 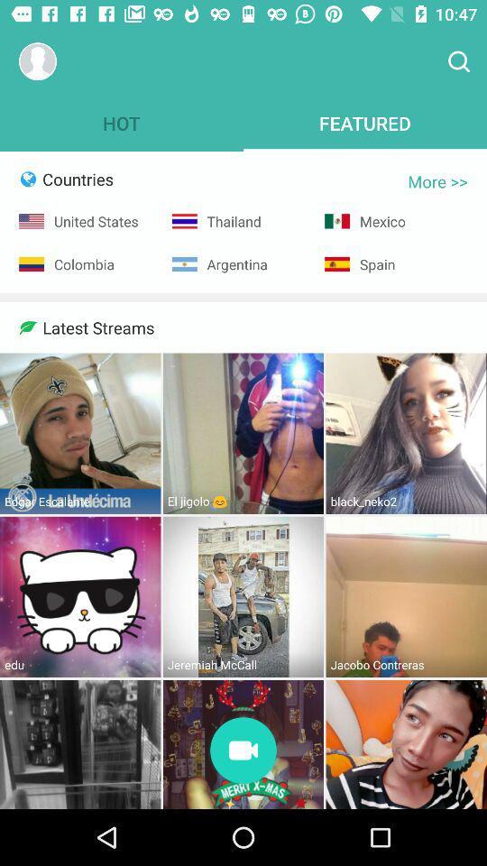 I want to click on profile information, so click(x=38, y=61).